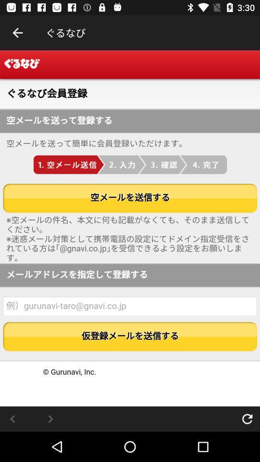 The height and width of the screenshot is (462, 260). What do you see at coordinates (12, 418) in the screenshot?
I see `the arrow_backward icon` at bounding box center [12, 418].